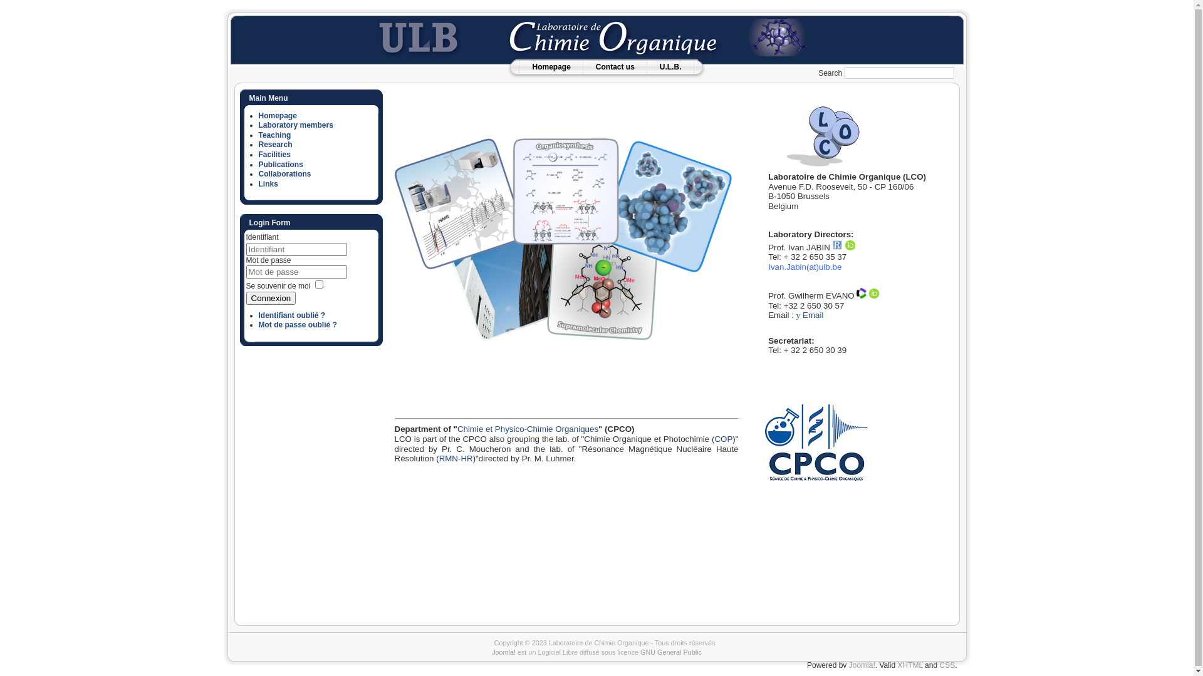 Image resolution: width=1203 pixels, height=676 pixels. I want to click on 'Connexion', so click(270, 298).